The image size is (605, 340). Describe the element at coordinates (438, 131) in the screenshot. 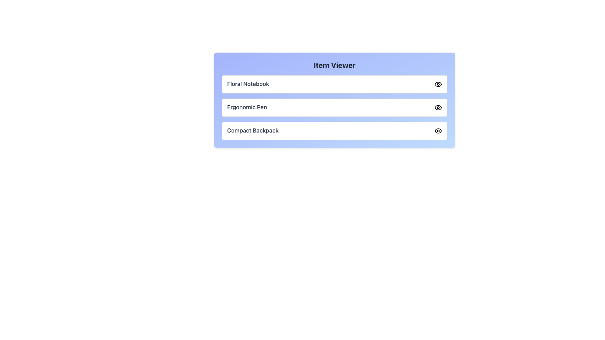

I see `the eye icon for visibility located at the far-right of the 'Compact Backpack' row in the 'Item Viewer' interface` at that location.